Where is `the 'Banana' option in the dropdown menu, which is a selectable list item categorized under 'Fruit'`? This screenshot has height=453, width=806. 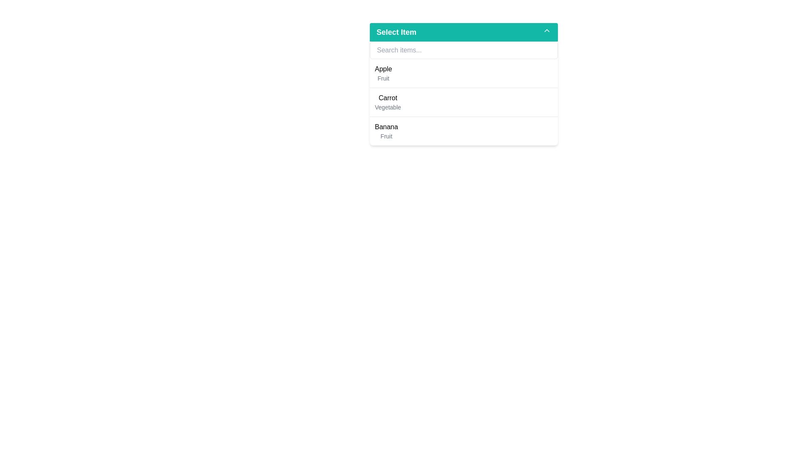
the 'Banana' option in the dropdown menu, which is a selectable list item categorized under 'Fruit' is located at coordinates (386, 131).